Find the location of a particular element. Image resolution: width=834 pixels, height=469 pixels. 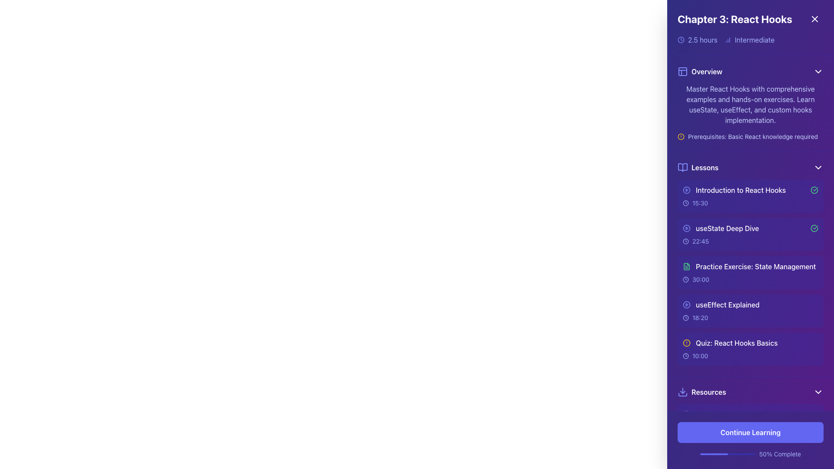

the circular graphic icon with a yellow outline and a black pin inside, located at the top of the Overview section next to 'Prerequisites: Basic React knowledge required' is located at coordinates (681, 137).